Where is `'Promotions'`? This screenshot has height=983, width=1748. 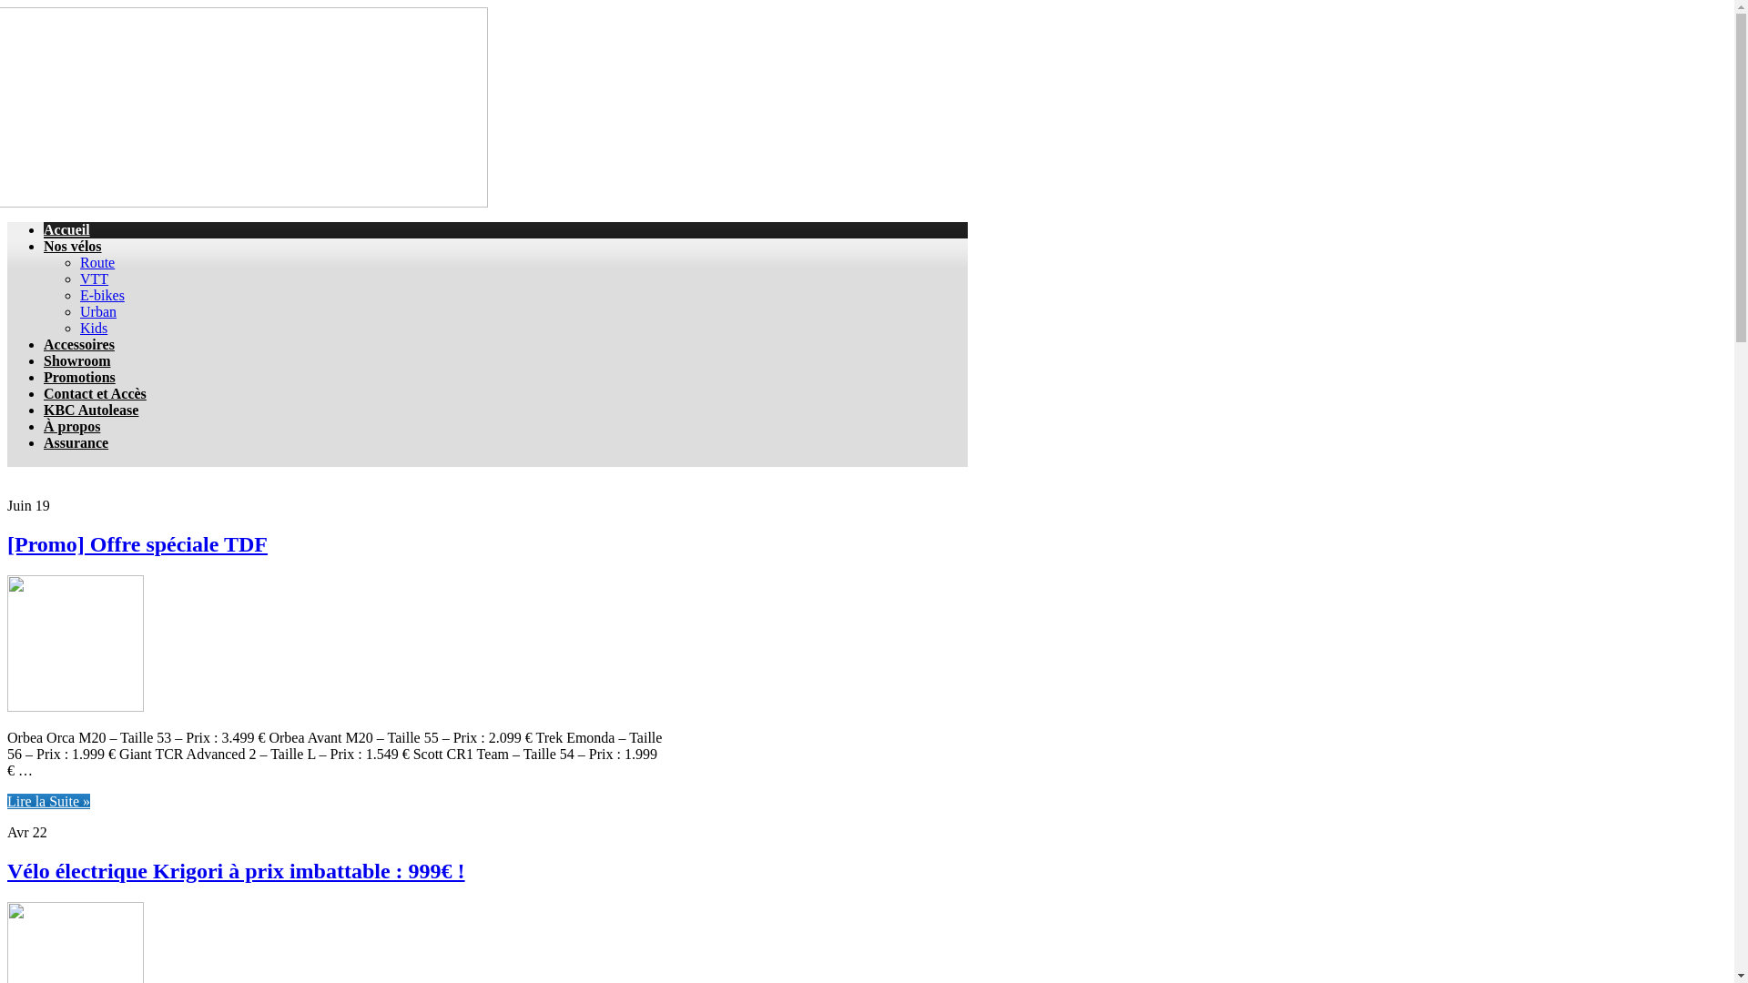 'Promotions' is located at coordinates (78, 376).